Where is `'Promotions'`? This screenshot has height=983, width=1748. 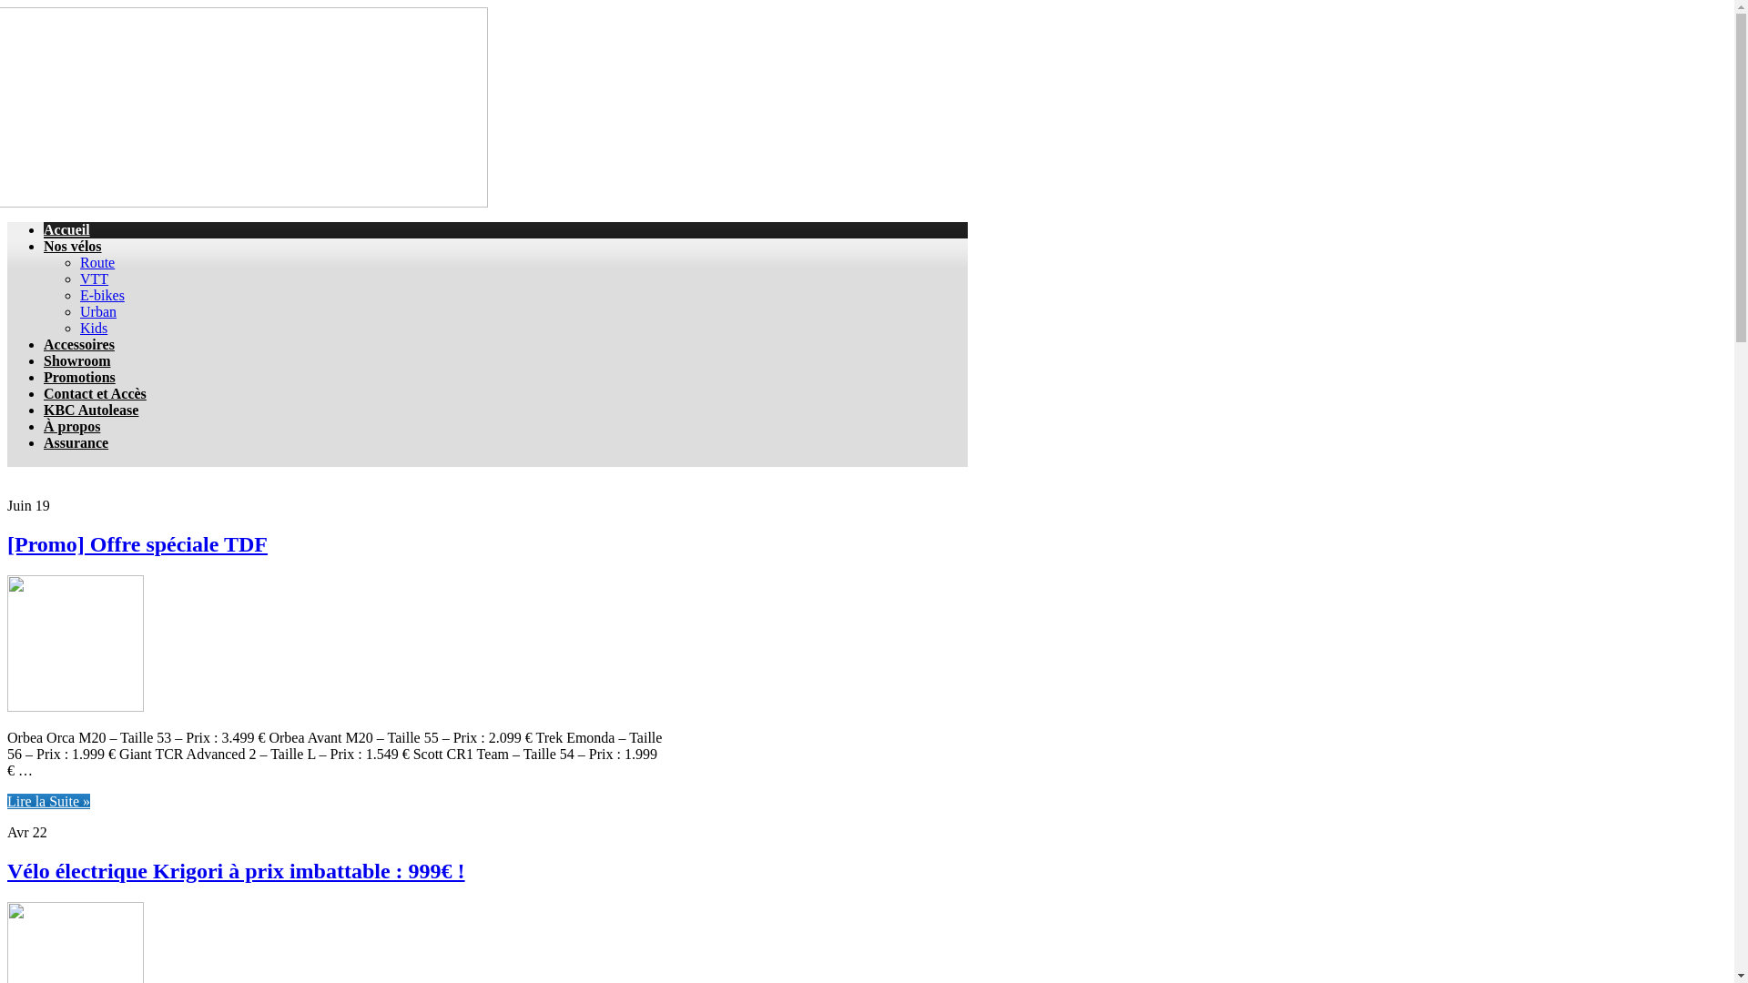 'Promotions' is located at coordinates (78, 376).